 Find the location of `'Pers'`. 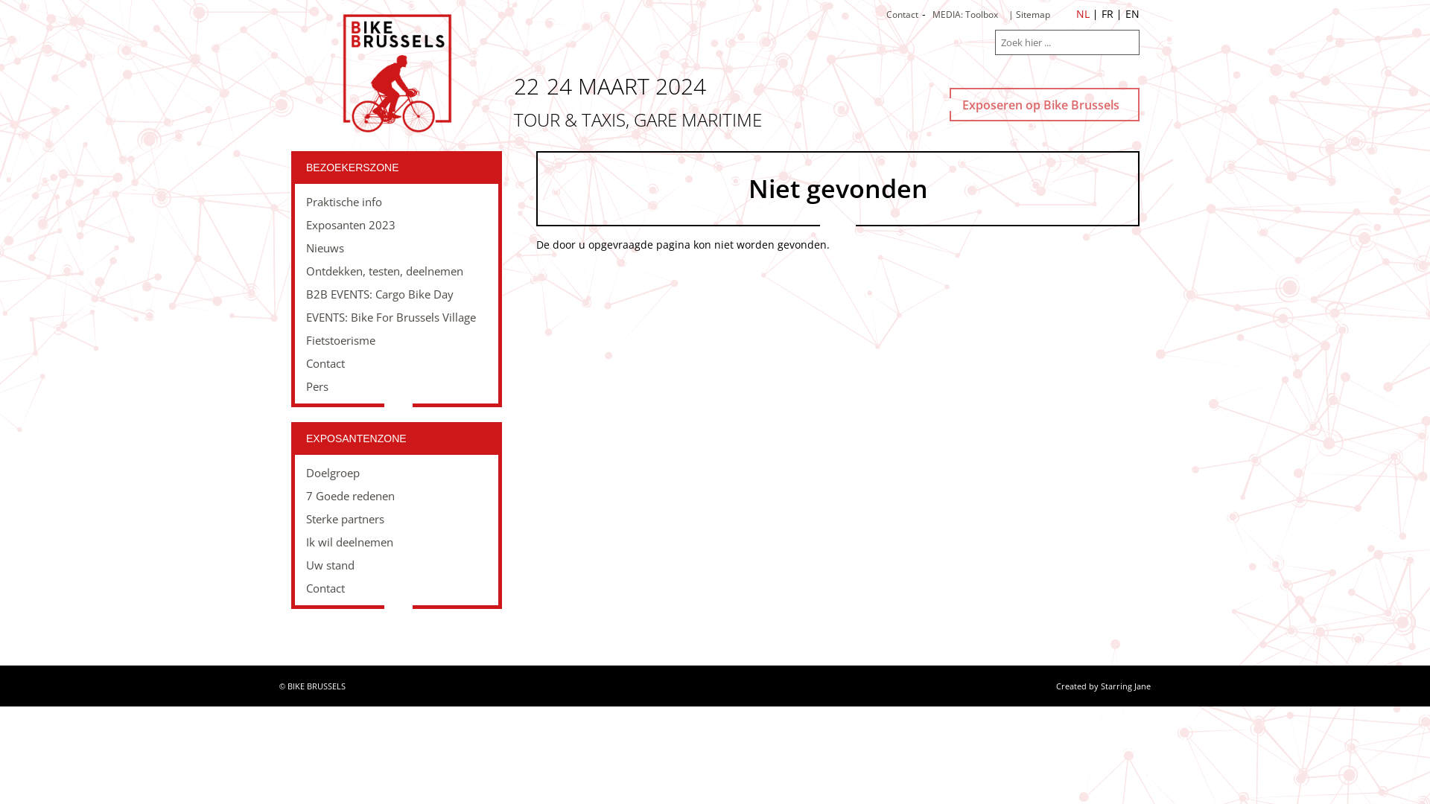

'Pers' is located at coordinates (396, 386).